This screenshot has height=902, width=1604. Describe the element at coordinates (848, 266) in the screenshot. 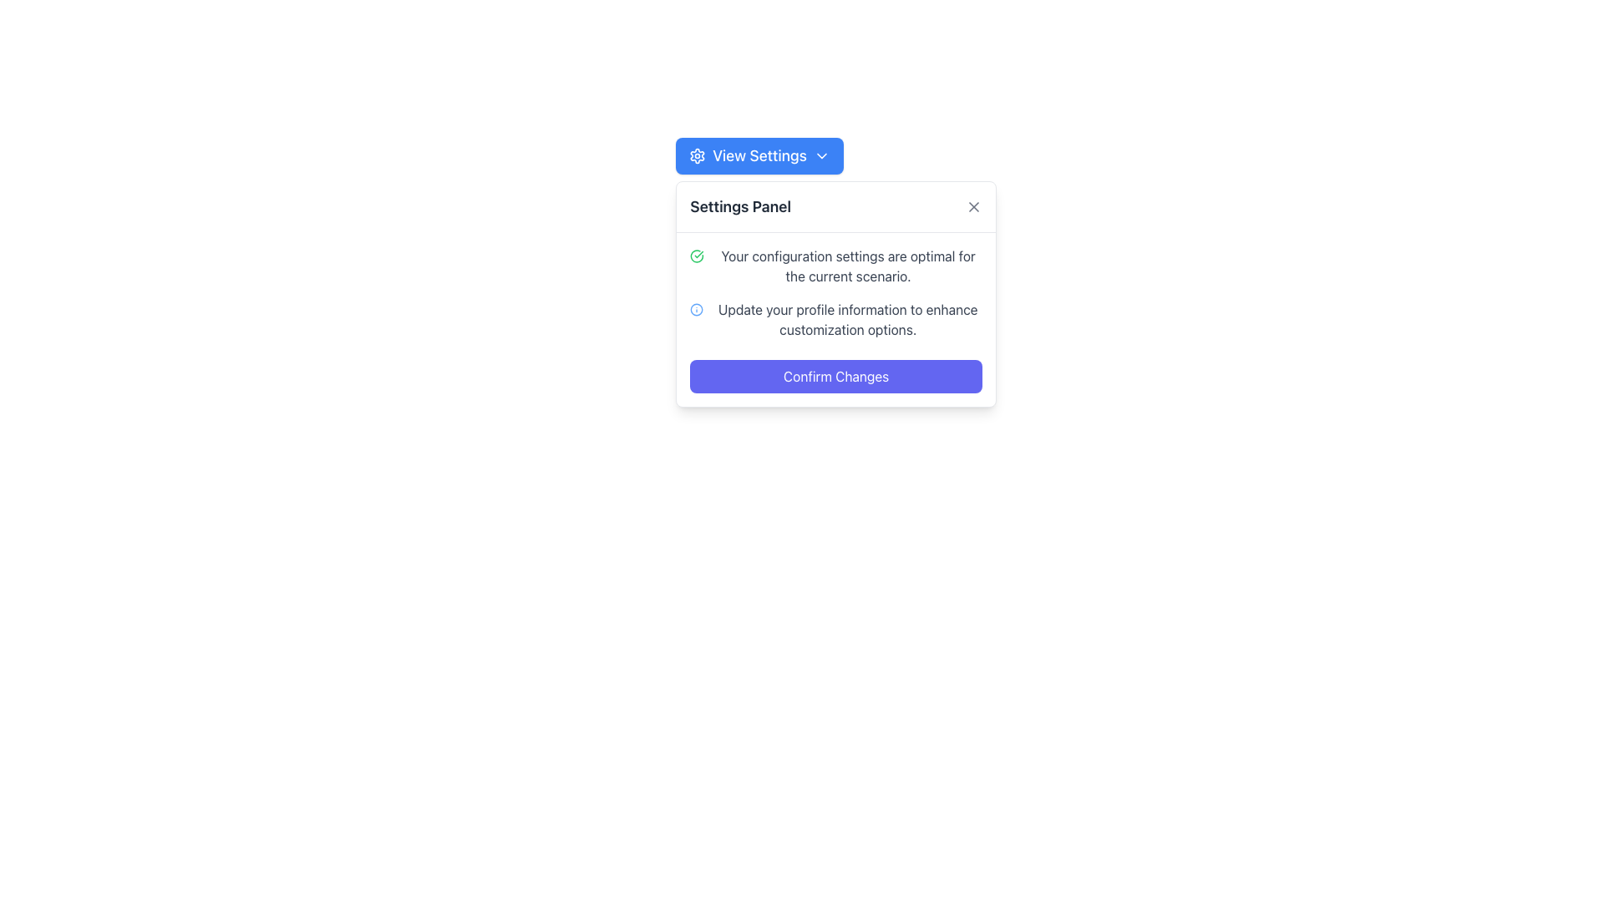

I see `the informational Static Text element located in the settings panel, which confirms that the current configuration settings are optimal, situated right next to a green checkmark icon` at that location.